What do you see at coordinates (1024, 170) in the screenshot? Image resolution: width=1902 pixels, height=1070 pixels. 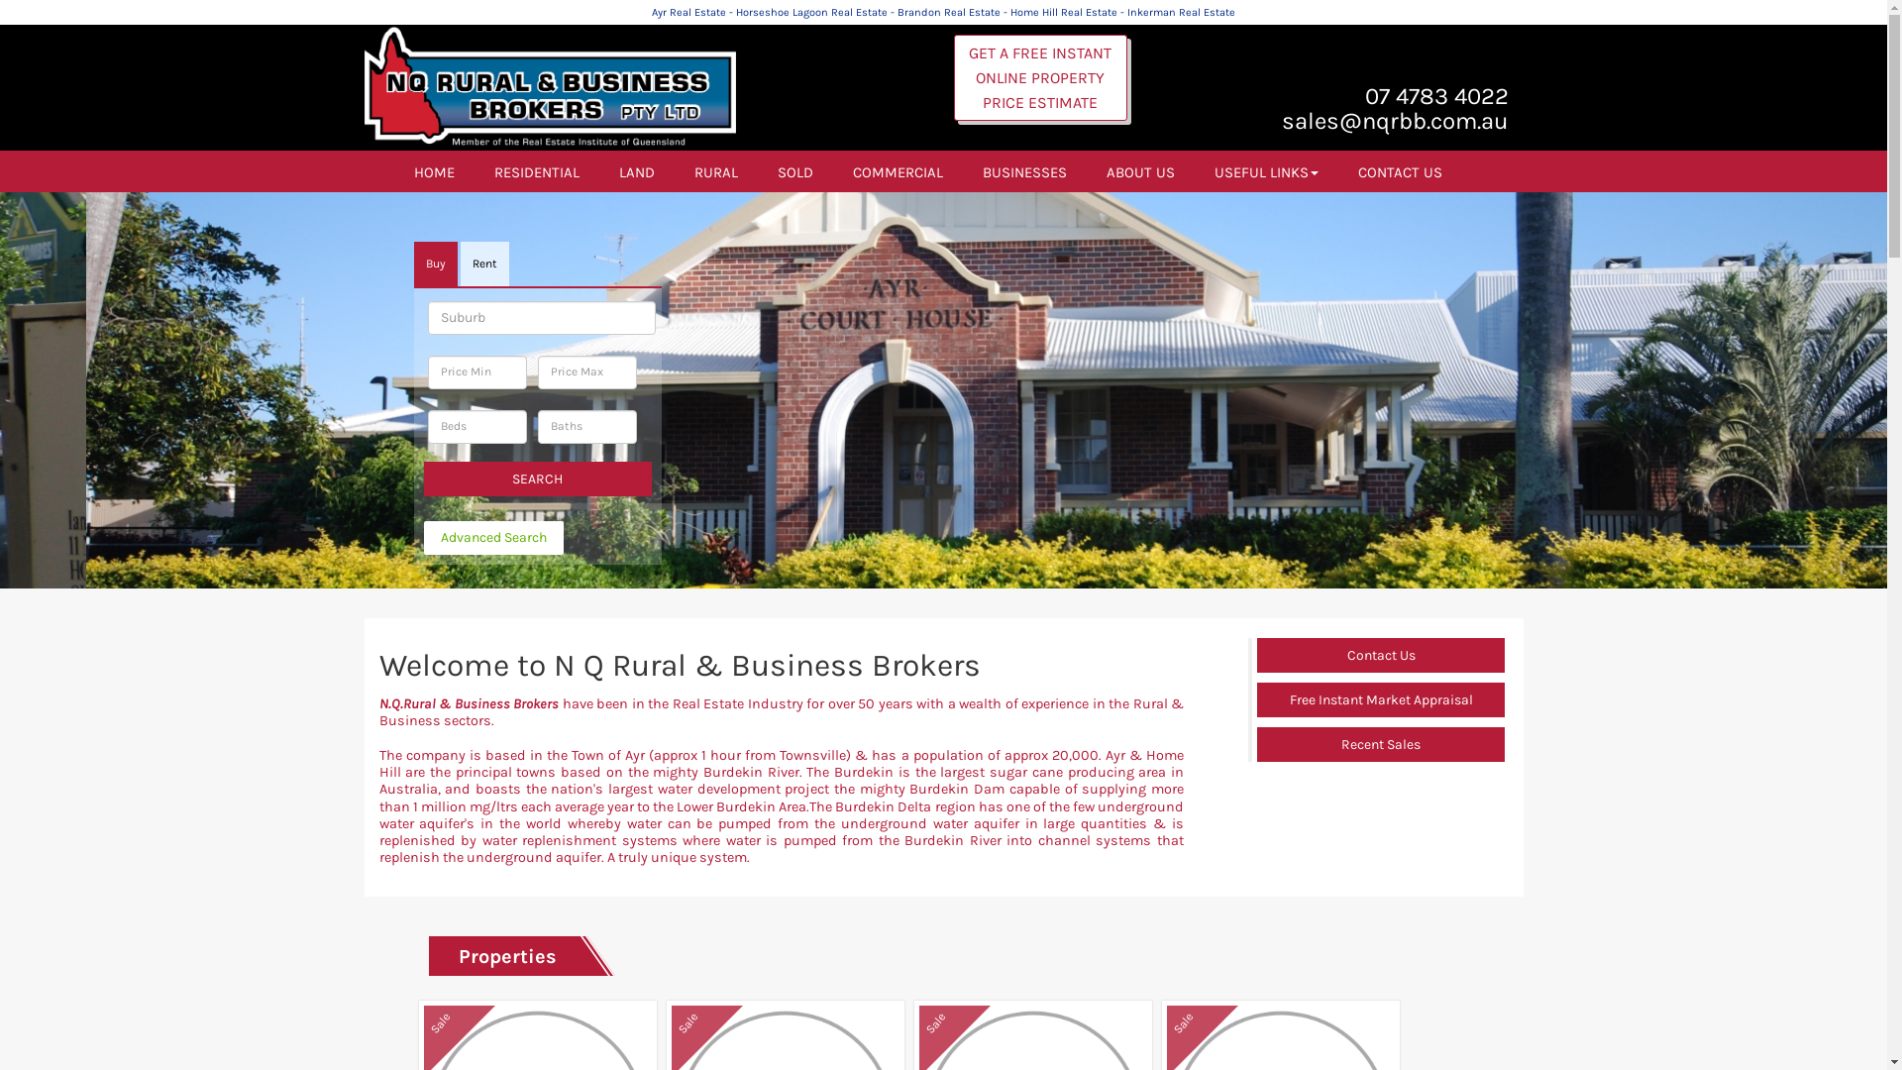 I see `'BUSINESSES'` at bounding box center [1024, 170].